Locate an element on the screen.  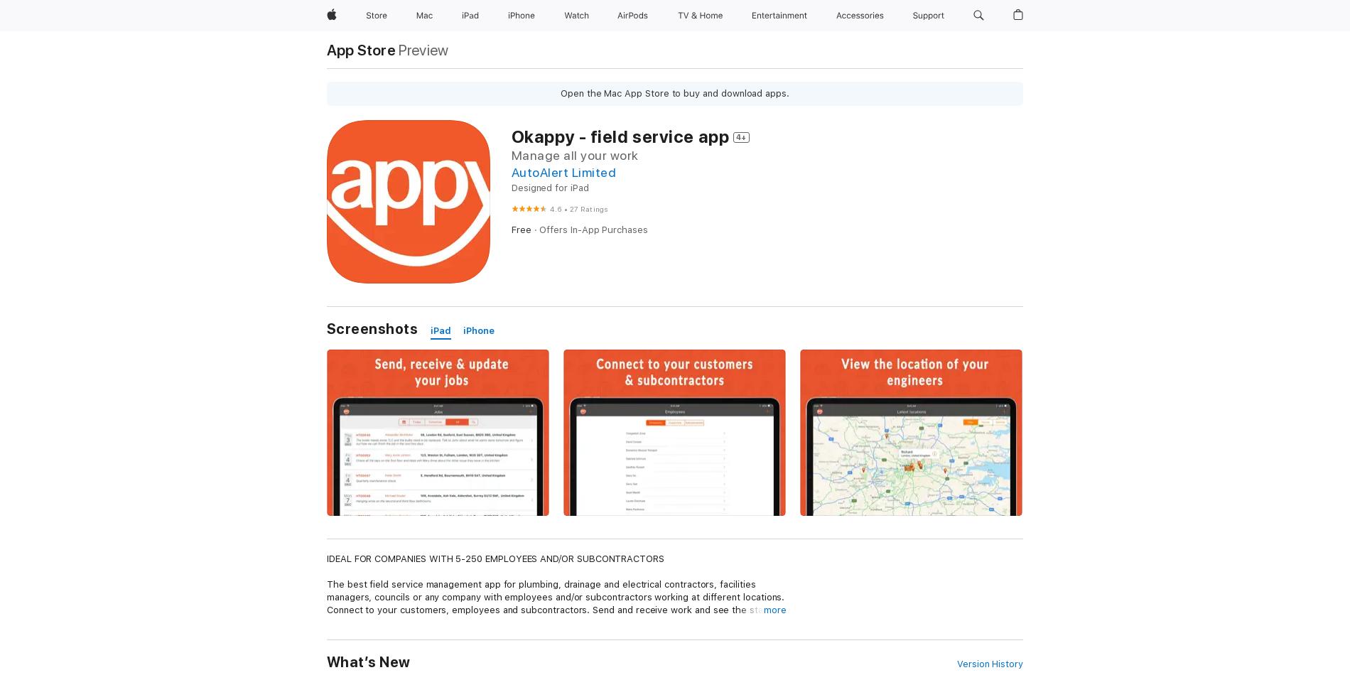
'The best field service management app for plumbing, drainage and electrical contractors, facilities managers, councils or any company with employees and/or subcontractors working at different locations. Connect to your customers, employees and subcontractors. Send and receive work and see the status of the work as it's updated by your engineers or subcontractors out in the field.' is located at coordinates (555, 603).